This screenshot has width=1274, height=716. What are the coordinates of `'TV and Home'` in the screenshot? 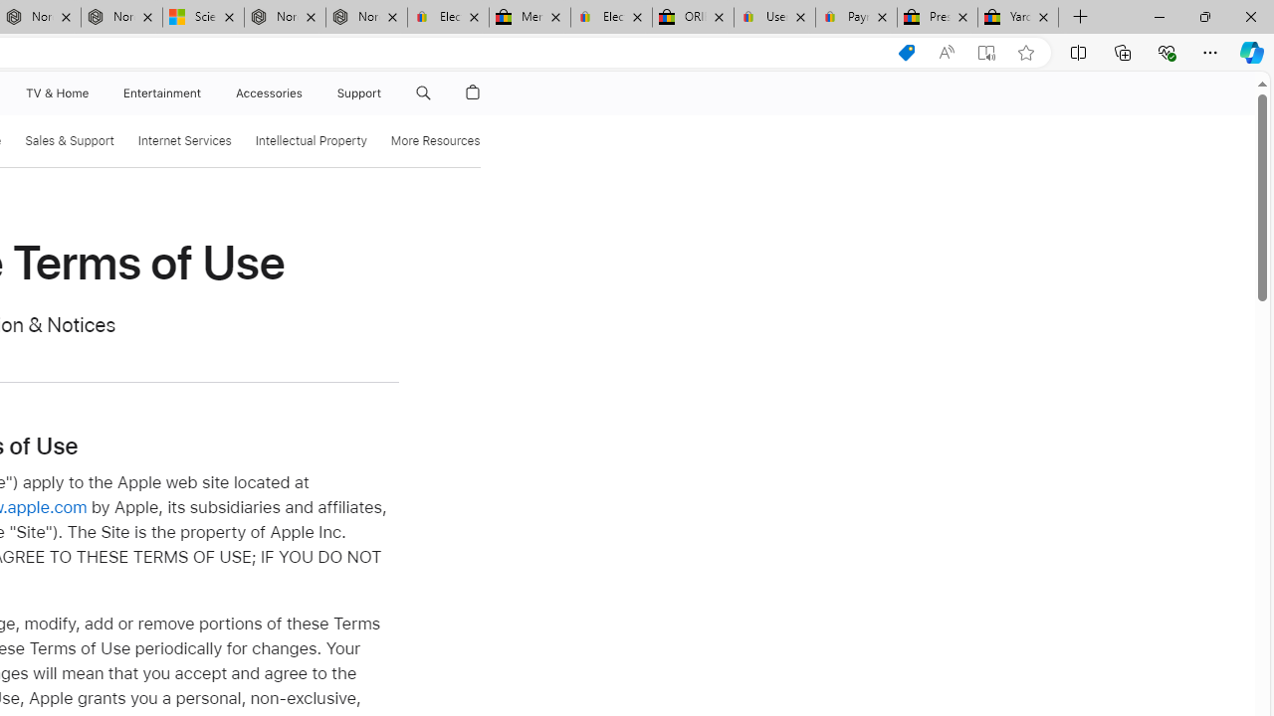 It's located at (56, 92).